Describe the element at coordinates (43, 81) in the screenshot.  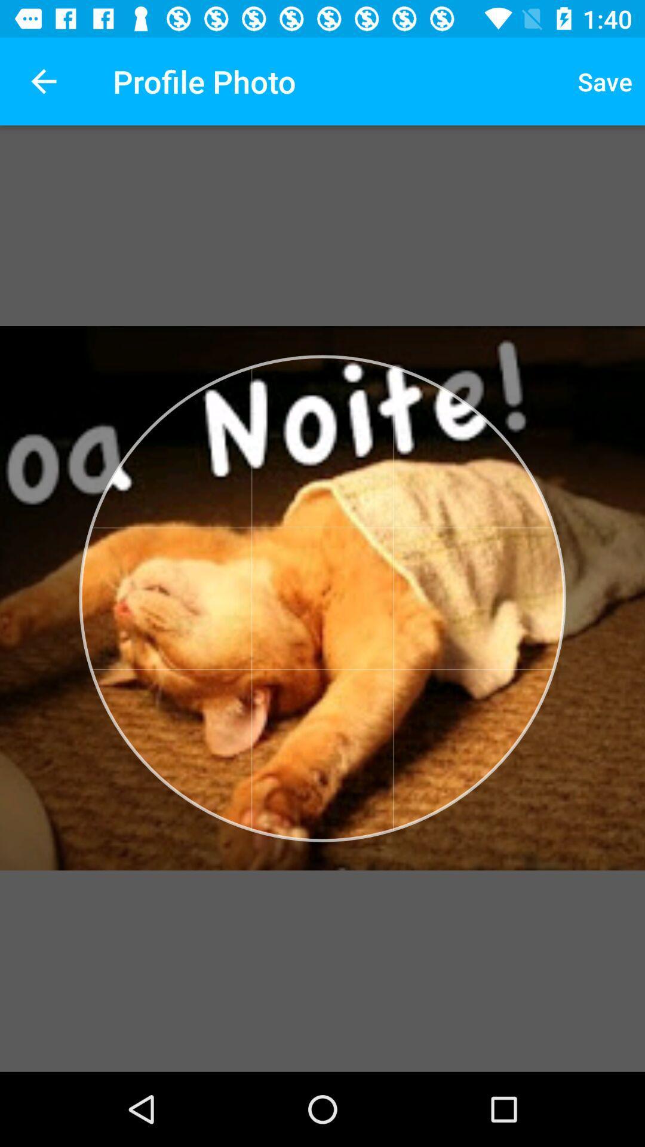
I see `the item to the left of profile photo` at that location.